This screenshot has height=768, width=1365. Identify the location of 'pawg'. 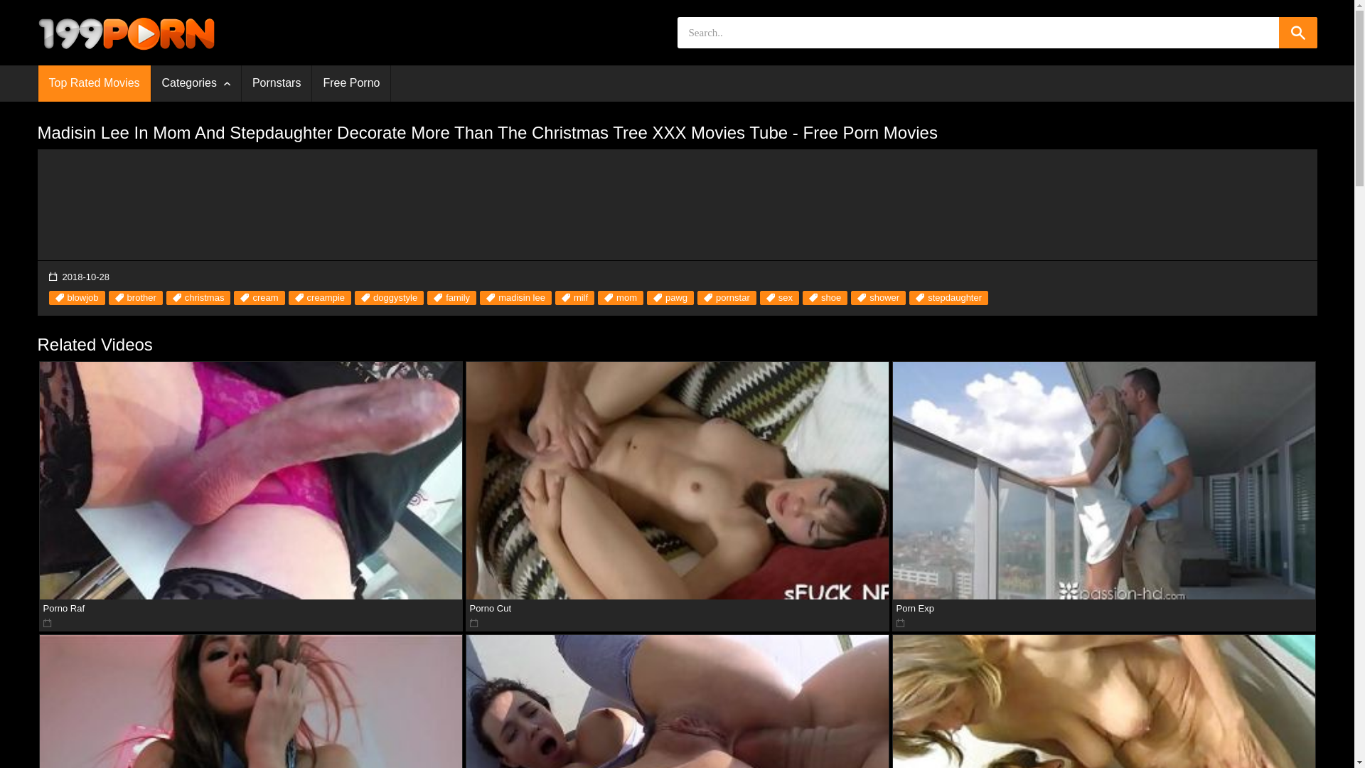
(669, 297).